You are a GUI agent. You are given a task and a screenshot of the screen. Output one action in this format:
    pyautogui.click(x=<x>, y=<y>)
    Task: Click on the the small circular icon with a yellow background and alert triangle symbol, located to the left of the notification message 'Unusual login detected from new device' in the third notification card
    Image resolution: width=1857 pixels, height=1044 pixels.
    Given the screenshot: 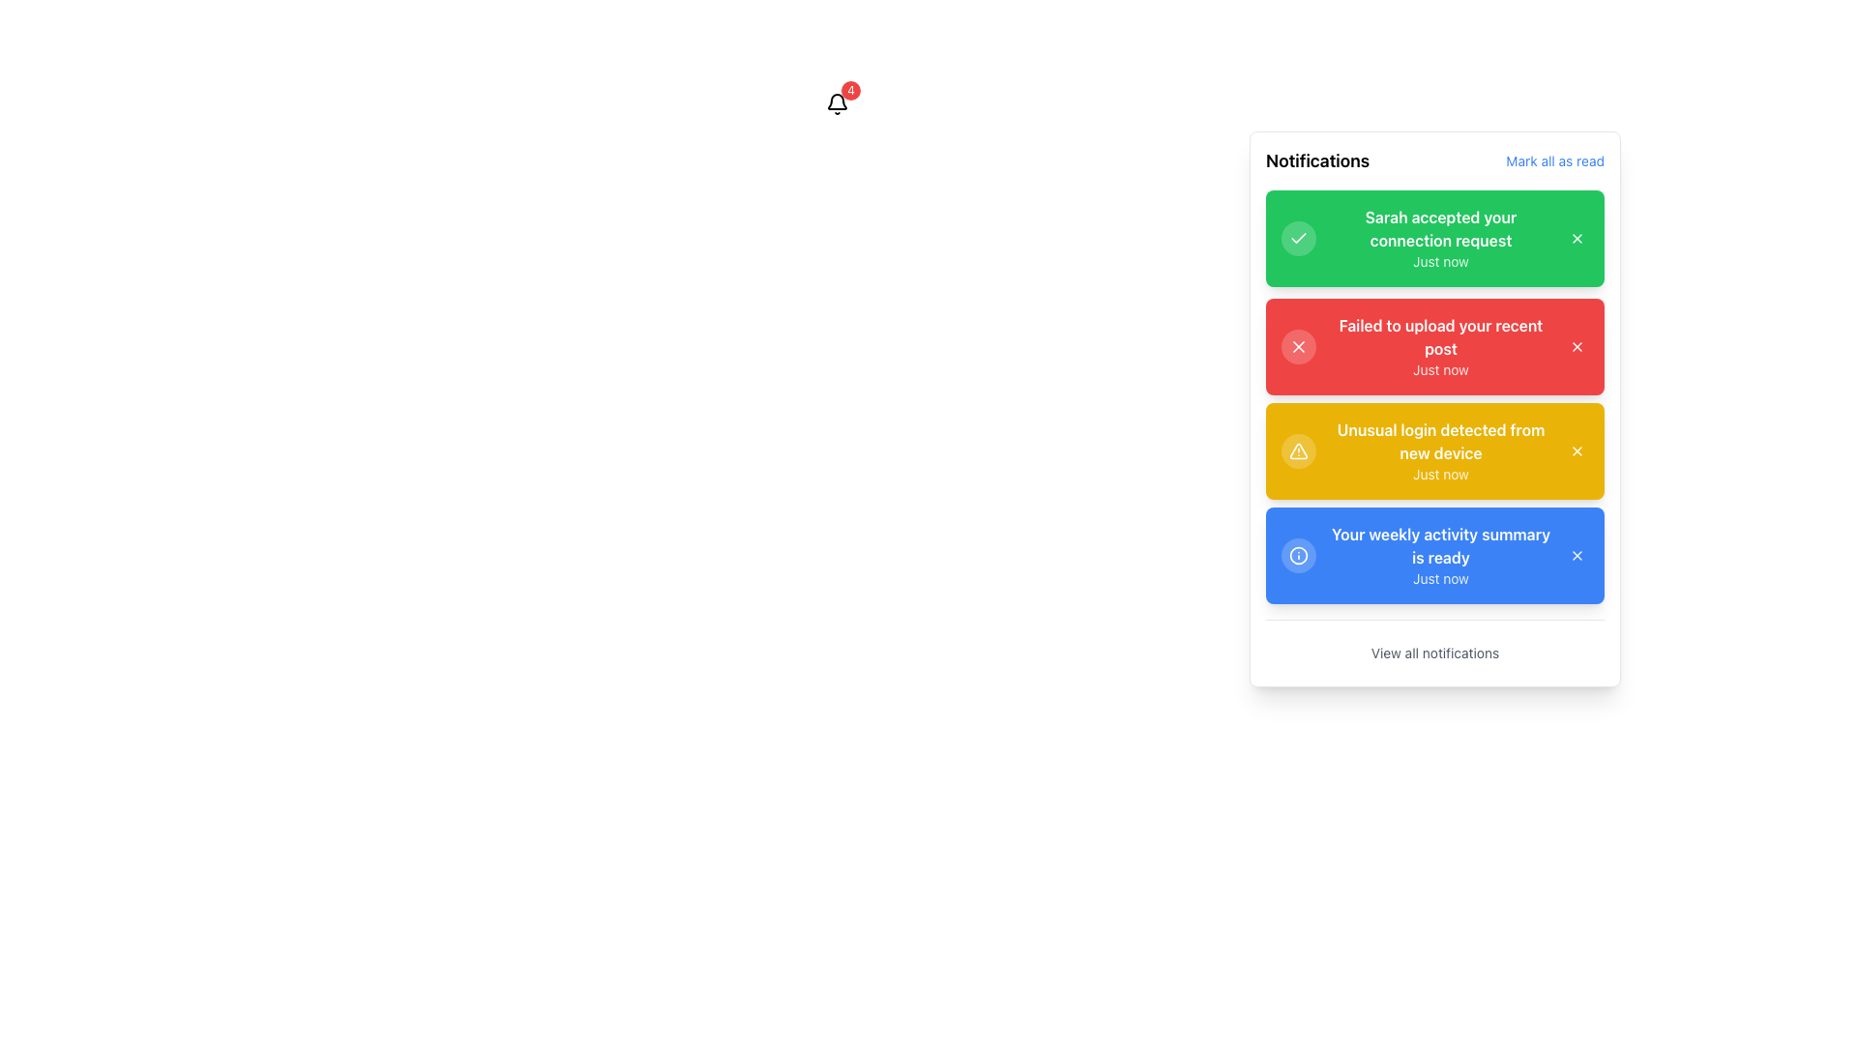 What is the action you would take?
    pyautogui.click(x=1299, y=450)
    